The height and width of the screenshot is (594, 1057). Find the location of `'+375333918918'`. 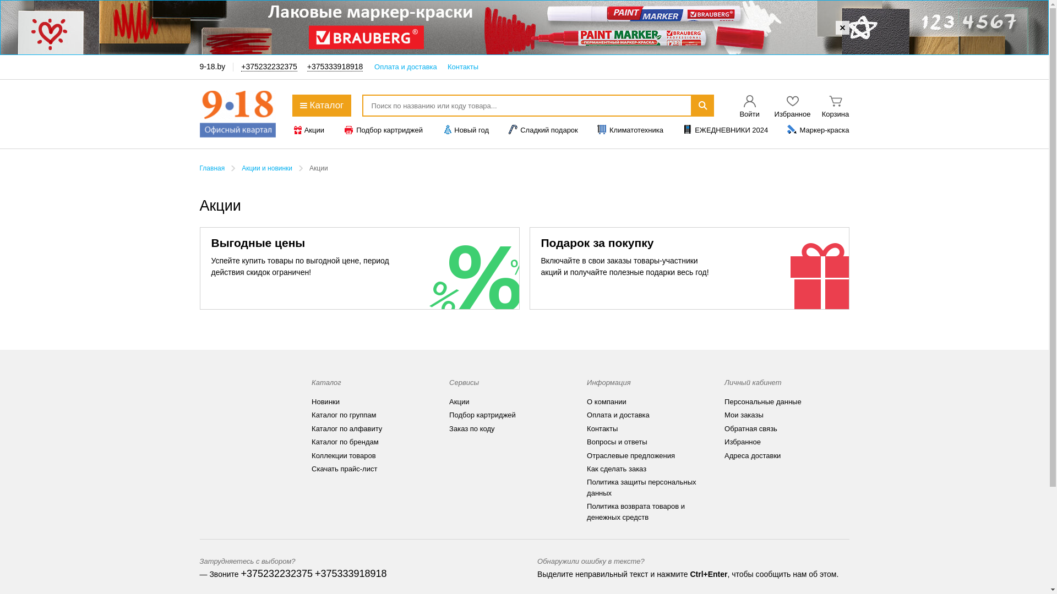

'+375333918918' is located at coordinates (350, 573).